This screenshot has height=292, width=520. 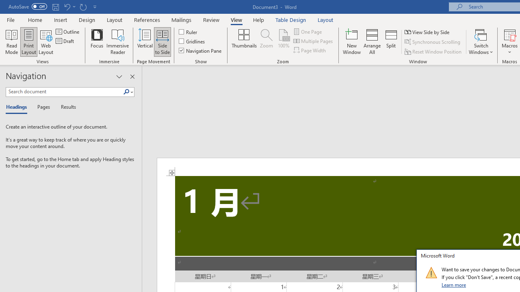 What do you see at coordinates (454, 284) in the screenshot?
I see `'Learn more'` at bounding box center [454, 284].